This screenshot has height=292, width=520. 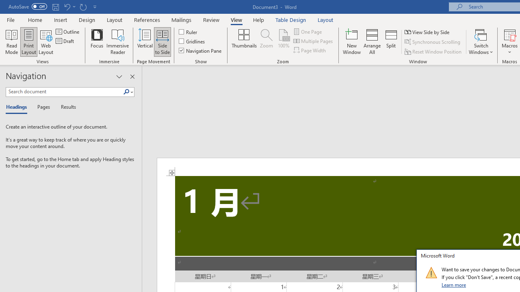 What do you see at coordinates (454, 284) in the screenshot?
I see `'Learn more'` at bounding box center [454, 284].